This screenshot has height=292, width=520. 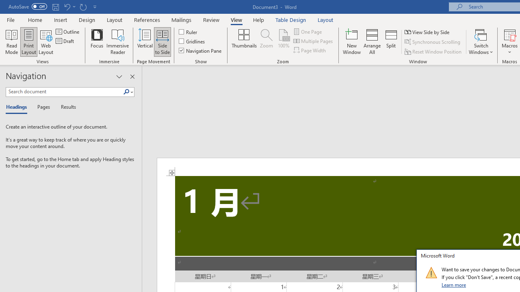 What do you see at coordinates (454, 284) in the screenshot?
I see `'Learn more'` at bounding box center [454, 284].